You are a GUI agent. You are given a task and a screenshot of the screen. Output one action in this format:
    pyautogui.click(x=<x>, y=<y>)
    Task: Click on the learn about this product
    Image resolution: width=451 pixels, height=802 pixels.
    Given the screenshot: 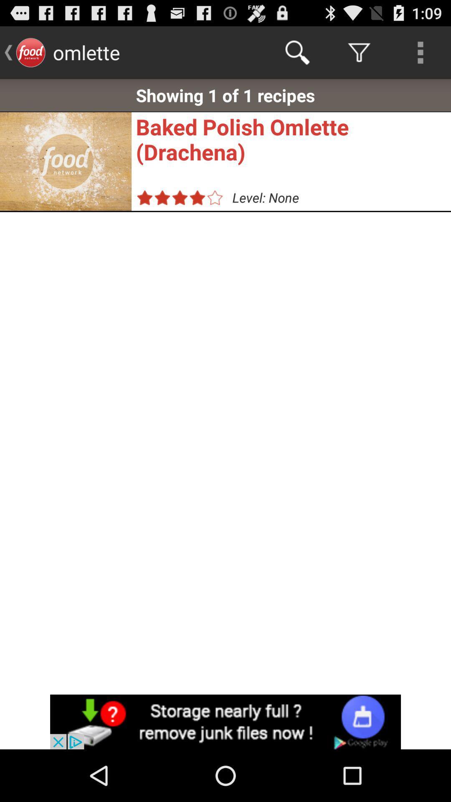 What is the action you would take?
    pyautogui.click(x=225, y=721)
    